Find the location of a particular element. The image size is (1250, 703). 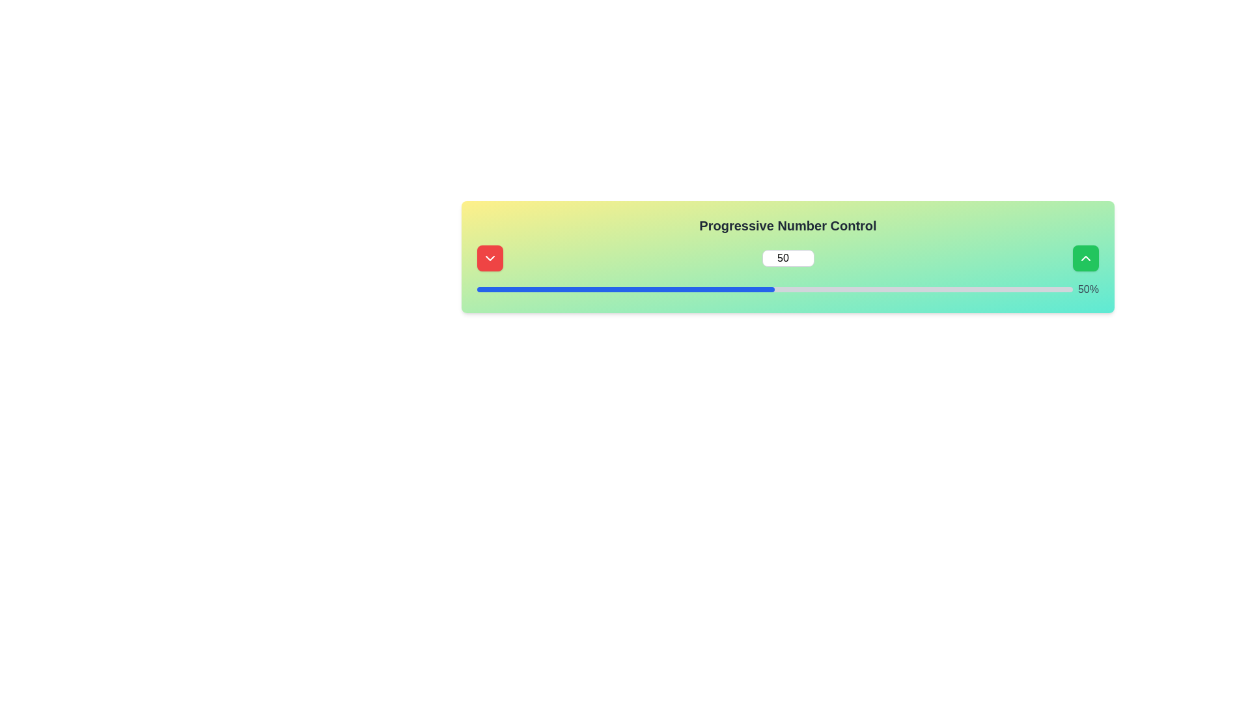

the slider is located at coordinates (757, 288).